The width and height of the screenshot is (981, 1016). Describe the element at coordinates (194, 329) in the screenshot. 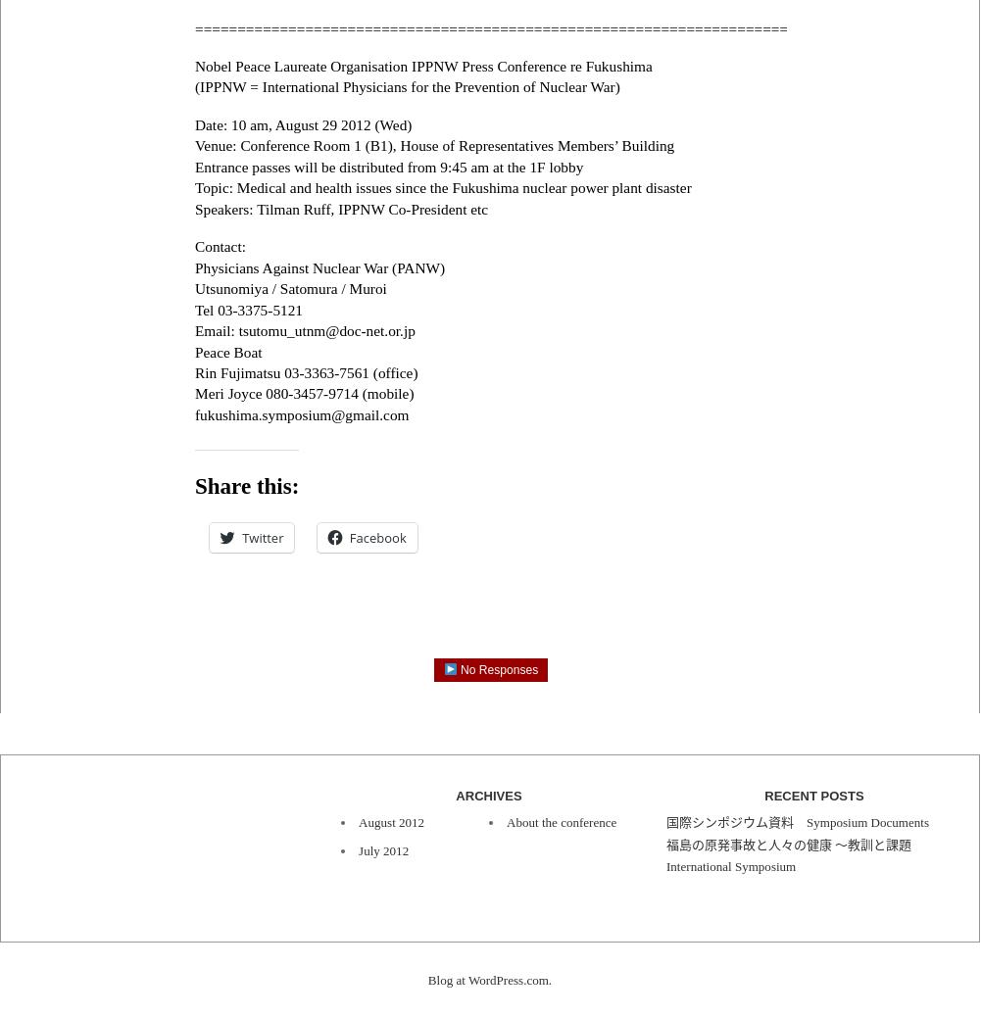

I see `'Email: tsutomu_utnm@doc-net.or.jp'` at that location.